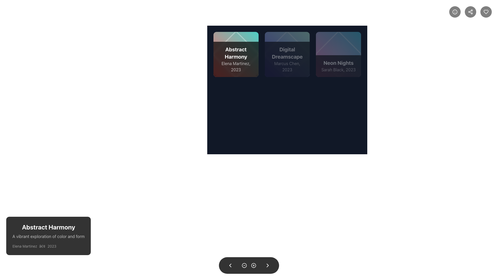 Image resolution: width=498 pixels, height=280 pixels. I want to click on the heart-shaped icon located at the upper right corner of the interface to favorite or unfavorite an item, so click(486, 12).